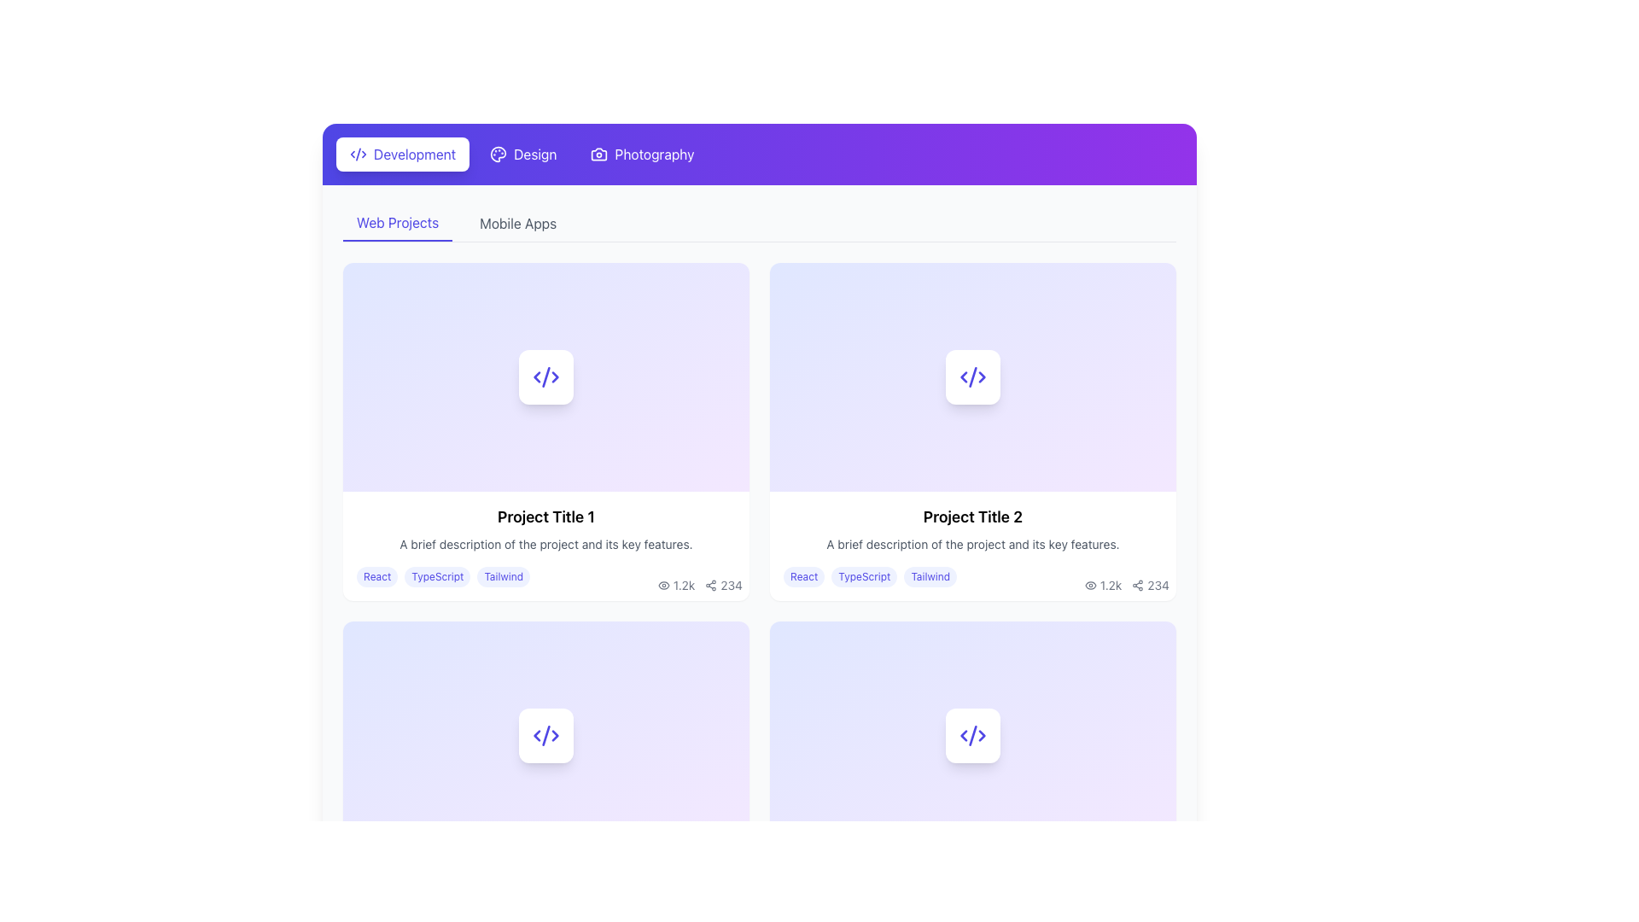 The height and width of the screenshot is (922, 1639). I want to click on the sharing icon located in the bottom-right corner of the second project card, positioned between the '1.2k' text and the '234' text, so click(1138, 584).